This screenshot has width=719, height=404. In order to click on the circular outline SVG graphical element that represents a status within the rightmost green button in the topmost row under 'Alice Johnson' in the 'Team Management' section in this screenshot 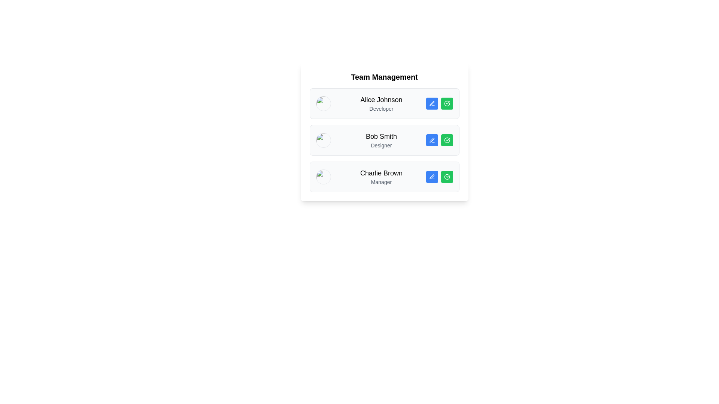, I will do `click(447, 104)`.